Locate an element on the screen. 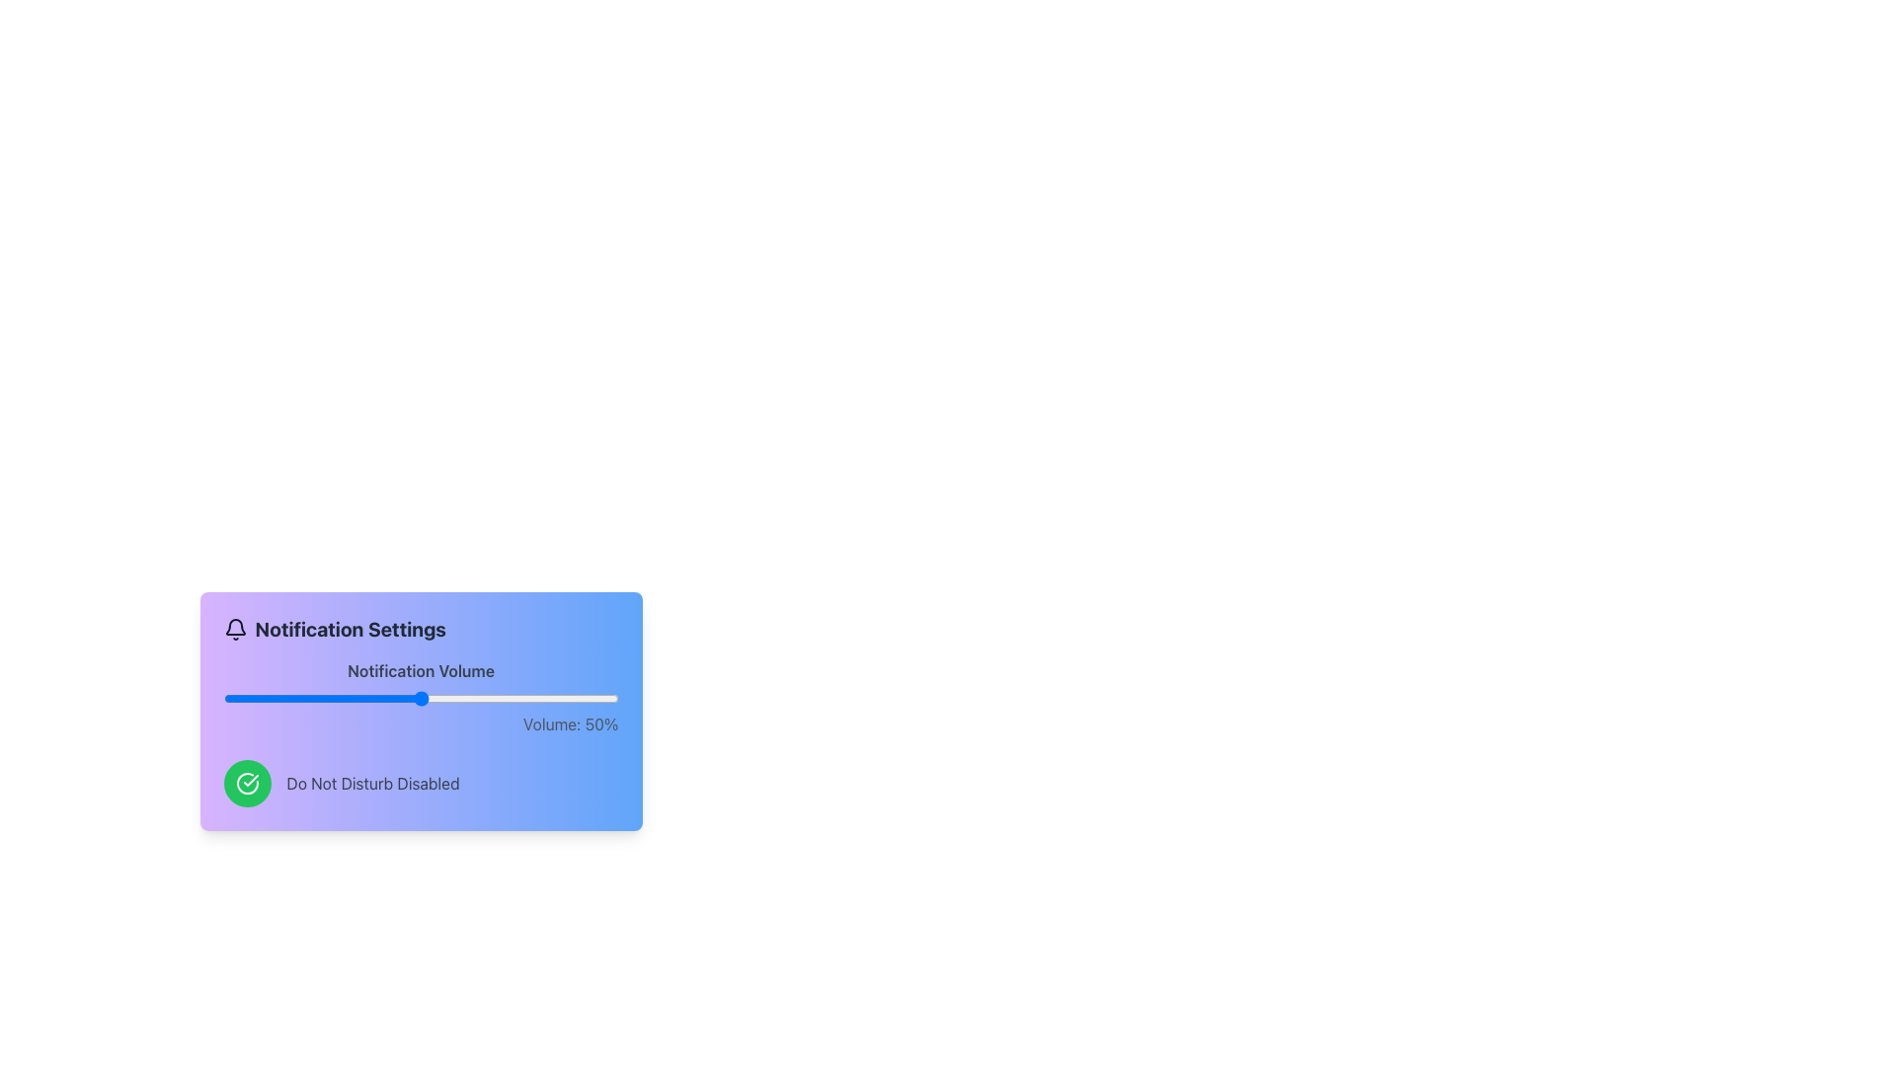 The height and width of the screenshot is (1066, 1896). volume percentage displayed in the 'Volume: 50%' label, which is aligned to the right and located below the blue volume slider in the 'Notification Volume' section is located at coordinates (420, 723).